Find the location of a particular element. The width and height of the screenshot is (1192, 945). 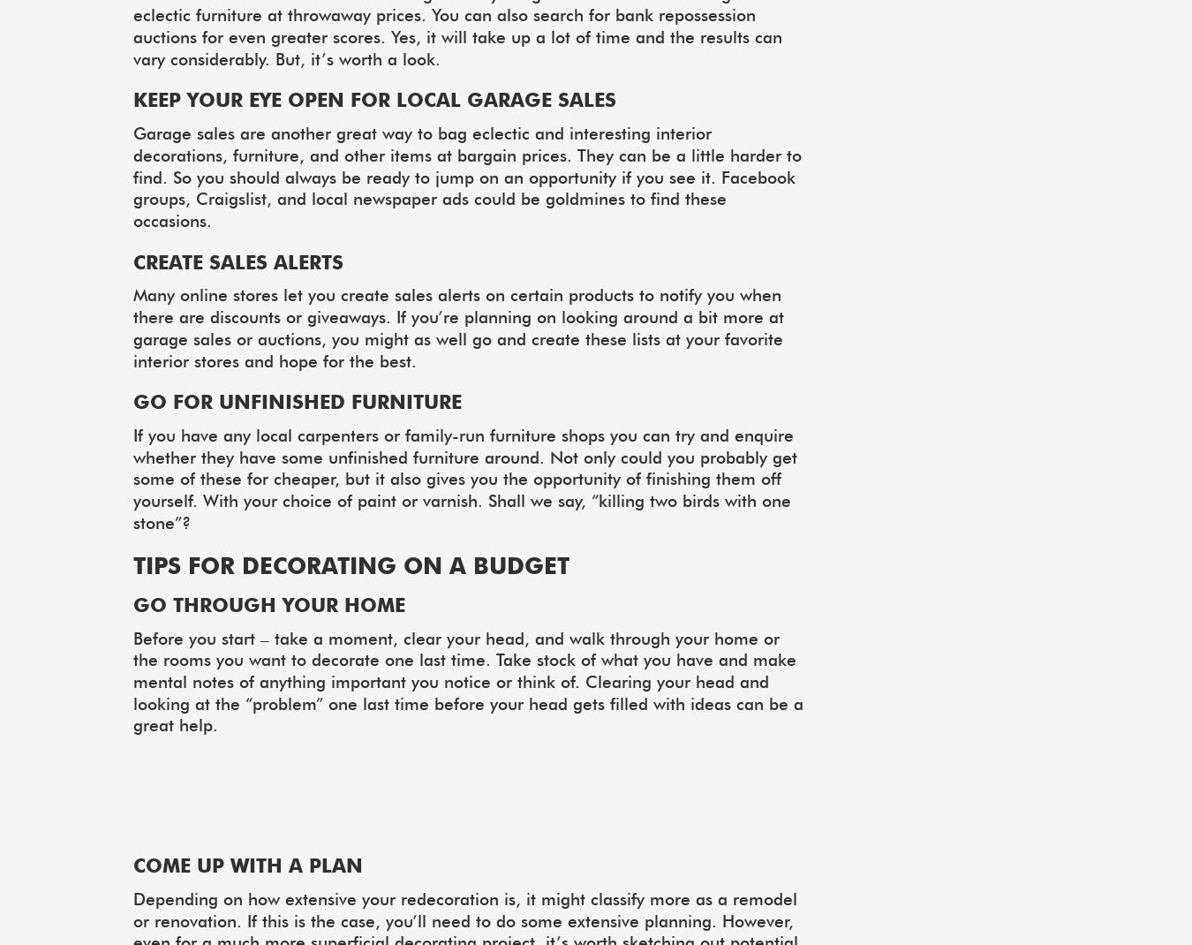

'Come up with a plan' is located at coordinates (246, 865).